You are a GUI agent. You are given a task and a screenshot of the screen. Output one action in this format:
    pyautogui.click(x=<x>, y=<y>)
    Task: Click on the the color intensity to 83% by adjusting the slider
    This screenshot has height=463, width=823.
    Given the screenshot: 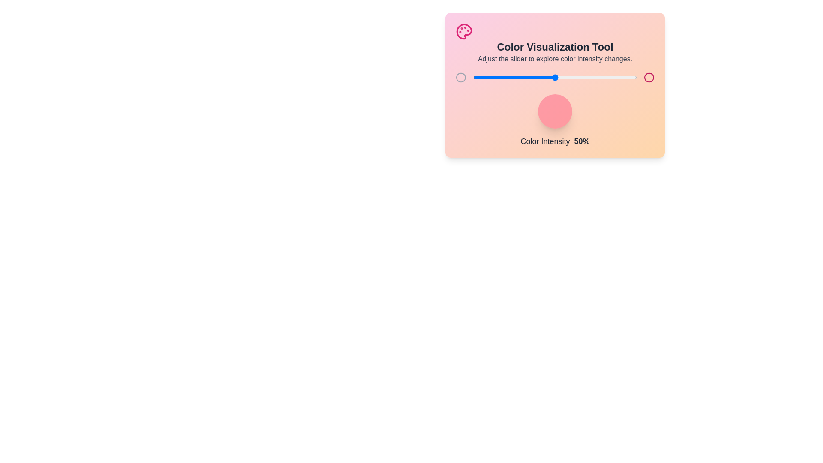 What is the action you would take?
    pyautogui.click(x=609, y=78)
    